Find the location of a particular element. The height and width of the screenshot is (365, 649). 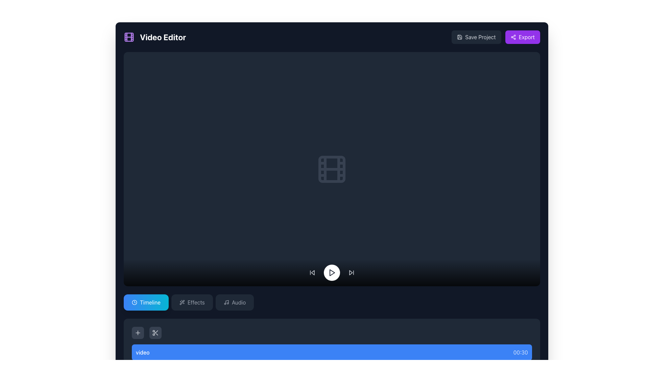

the 'Save Project' button, which is a light gray font button on a dark gray rounded rectangular background, located at the top-right corner of the interface is located at coordinates (476, 37).